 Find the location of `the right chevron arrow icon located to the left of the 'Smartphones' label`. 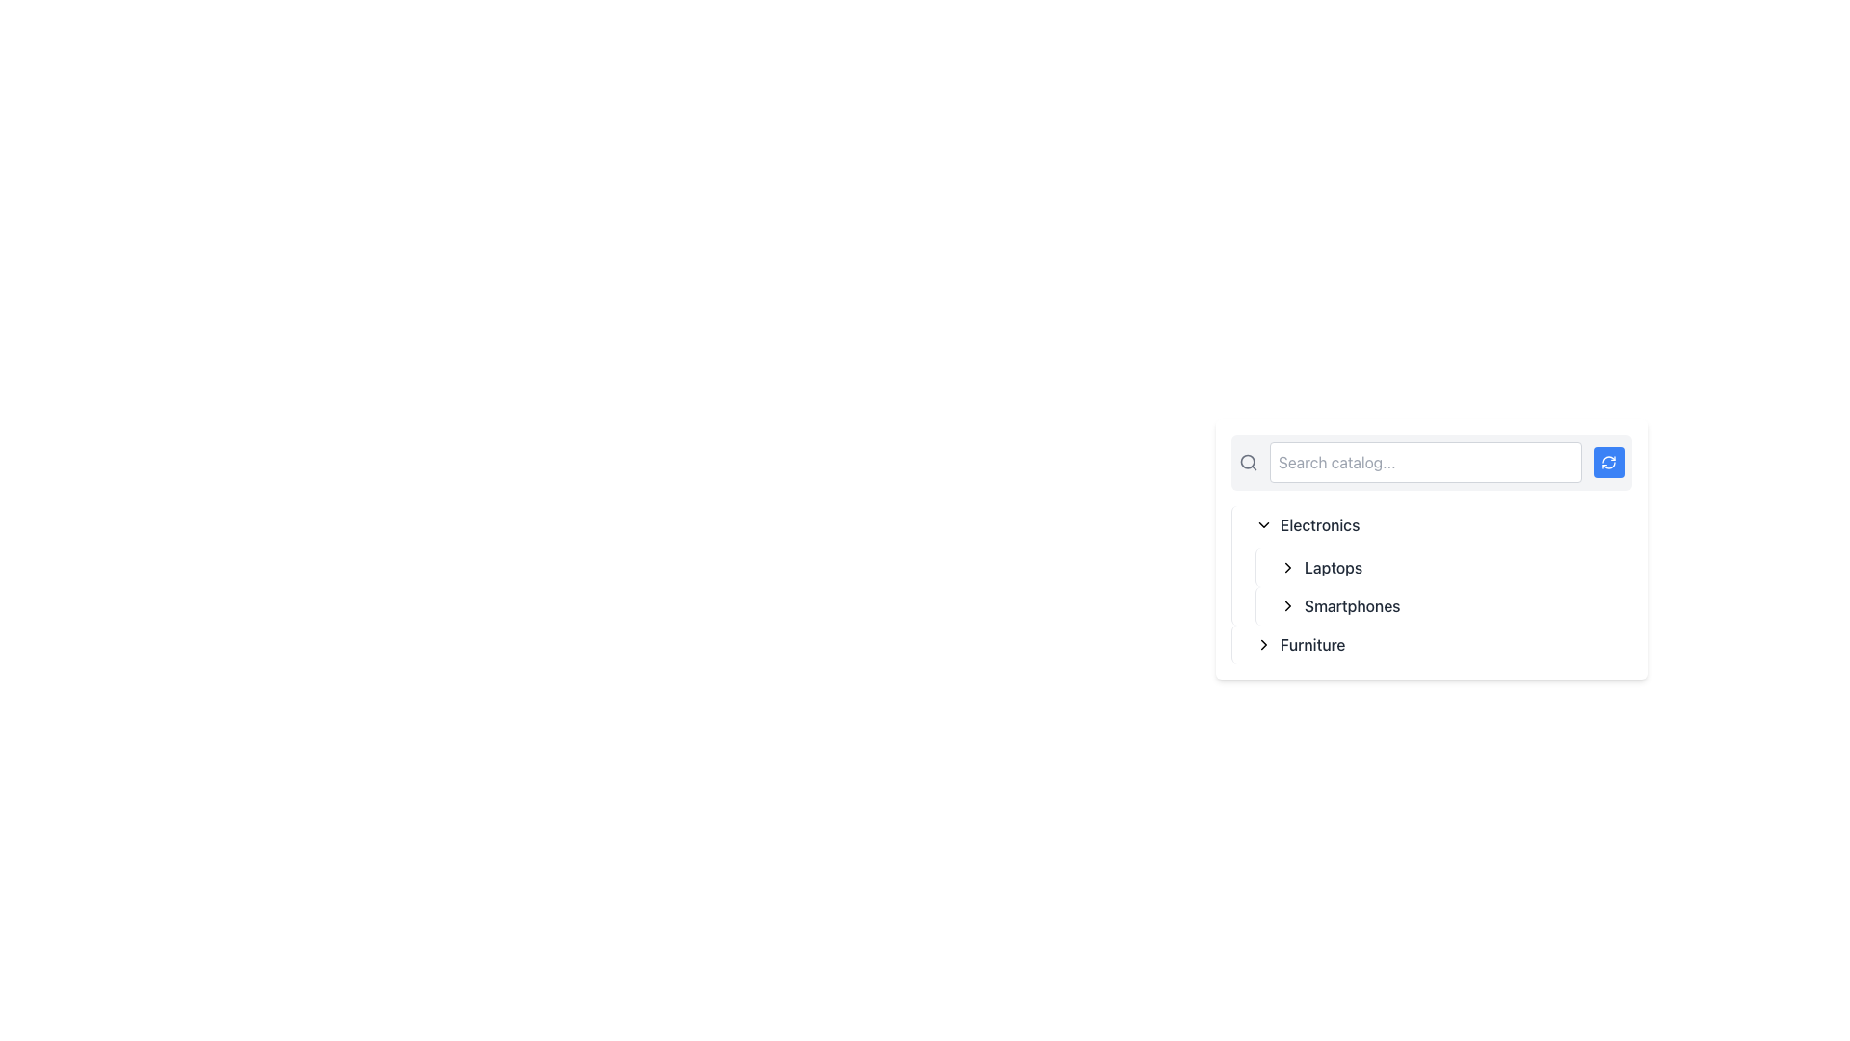

the right chevron arrow icon located to the left of the 'Smartphones' label is located at coordinates (1288, 604).